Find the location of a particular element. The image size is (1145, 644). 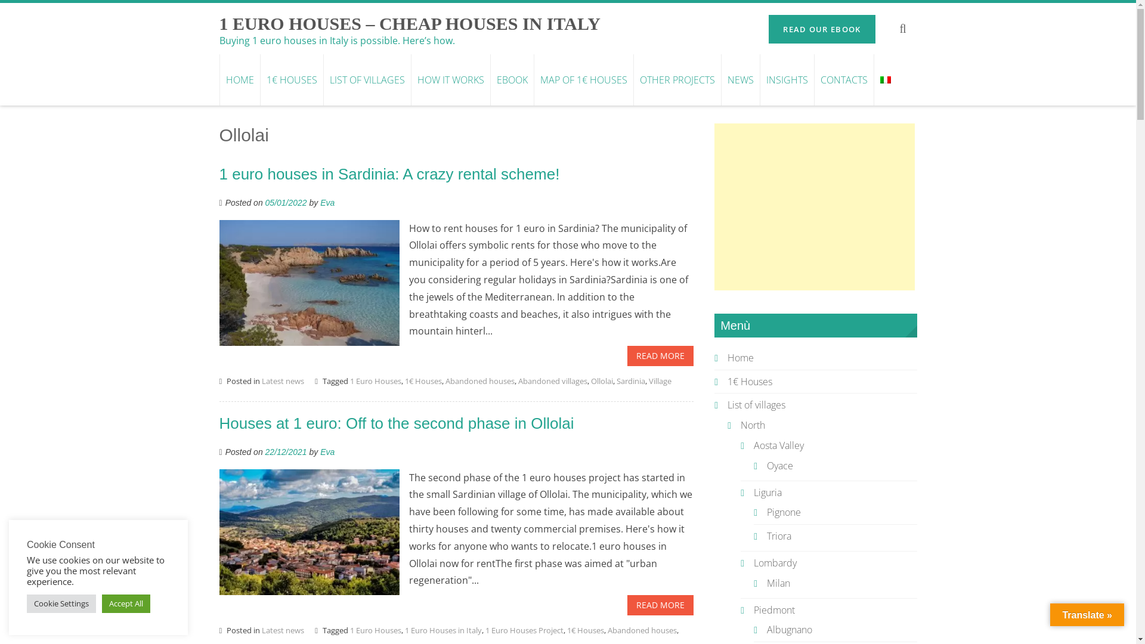

'22/12/2021' is located at coordinates (286, 452).